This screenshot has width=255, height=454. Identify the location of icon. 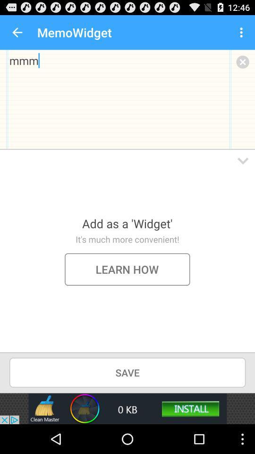
(243, 61).